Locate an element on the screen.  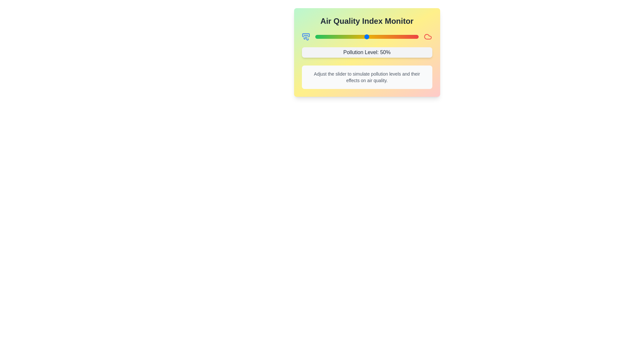
the pollution level slider to 95% is located at coordinates (413, 37).